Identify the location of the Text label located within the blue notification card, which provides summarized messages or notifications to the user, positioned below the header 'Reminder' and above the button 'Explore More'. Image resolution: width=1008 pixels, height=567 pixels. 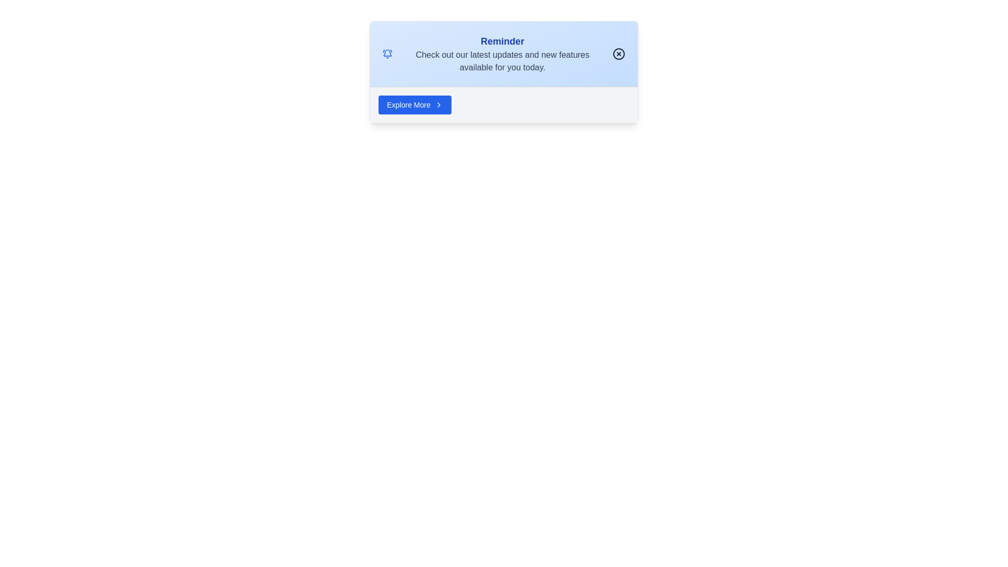
(502, 61).